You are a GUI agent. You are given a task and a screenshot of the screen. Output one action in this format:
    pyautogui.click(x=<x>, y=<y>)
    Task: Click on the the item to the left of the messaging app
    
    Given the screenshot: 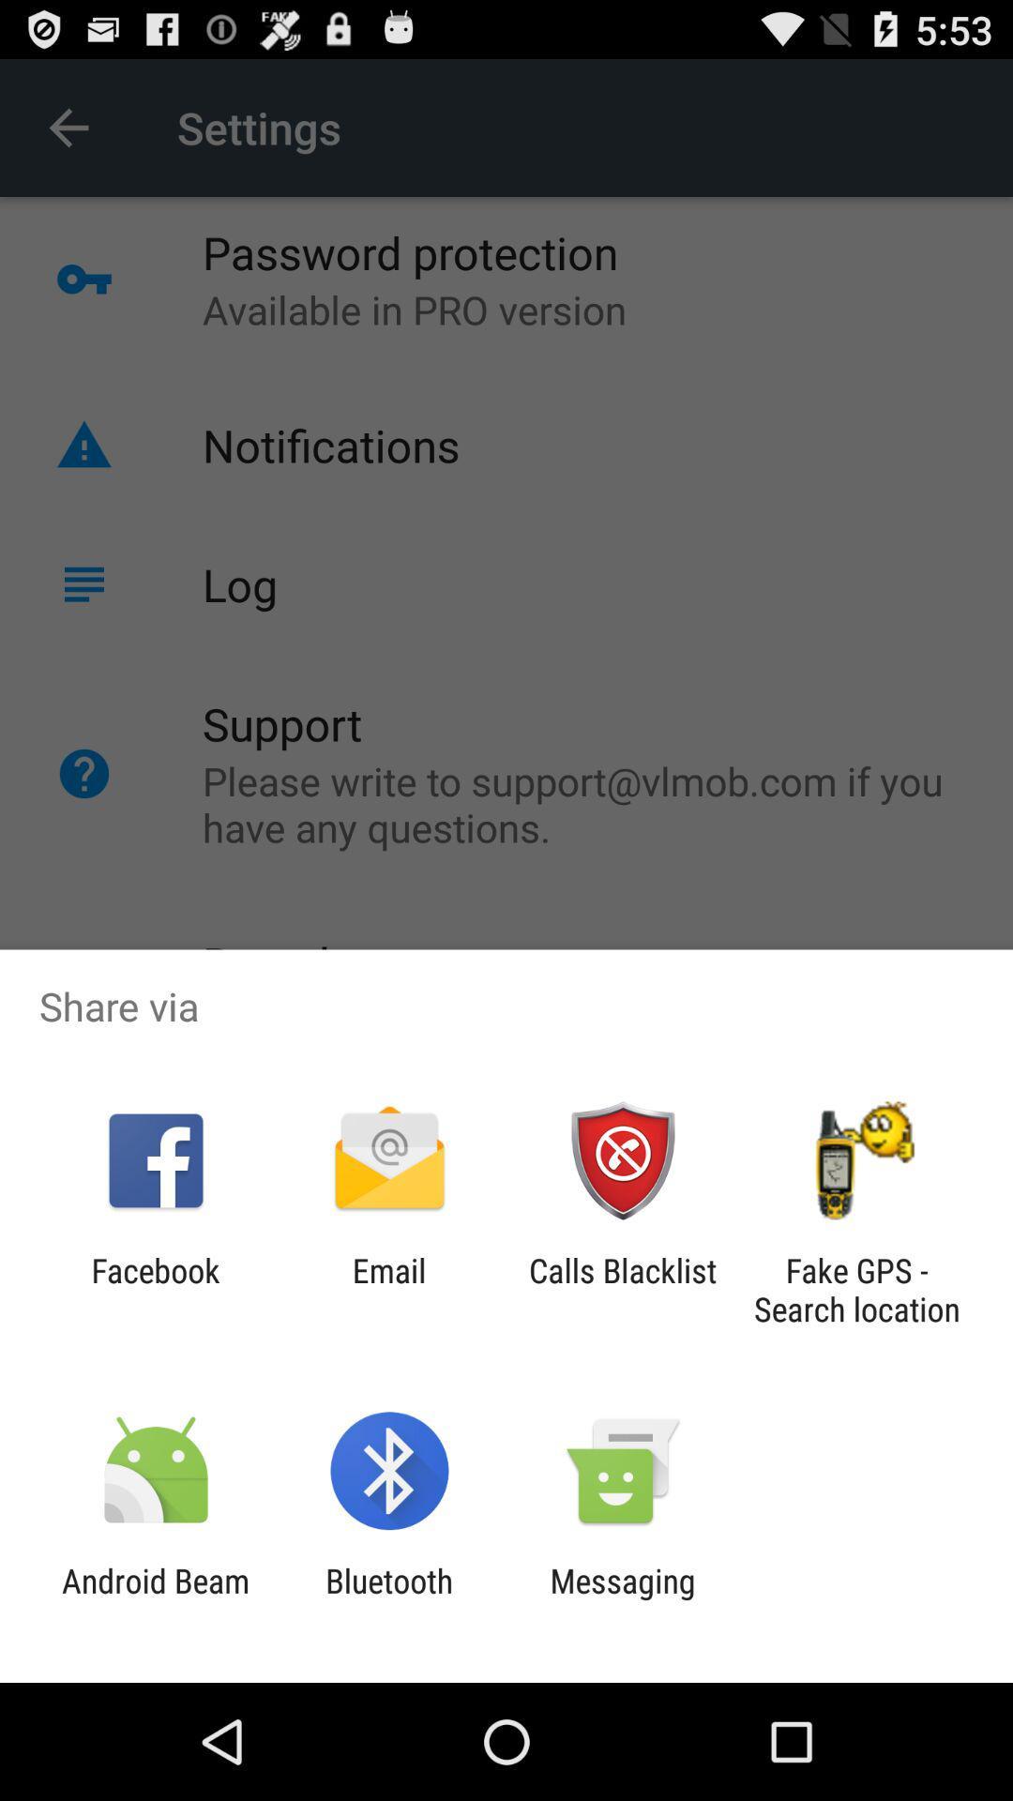 What is the action you would take?
    pyautogui.click(x=388, y=1599)
    